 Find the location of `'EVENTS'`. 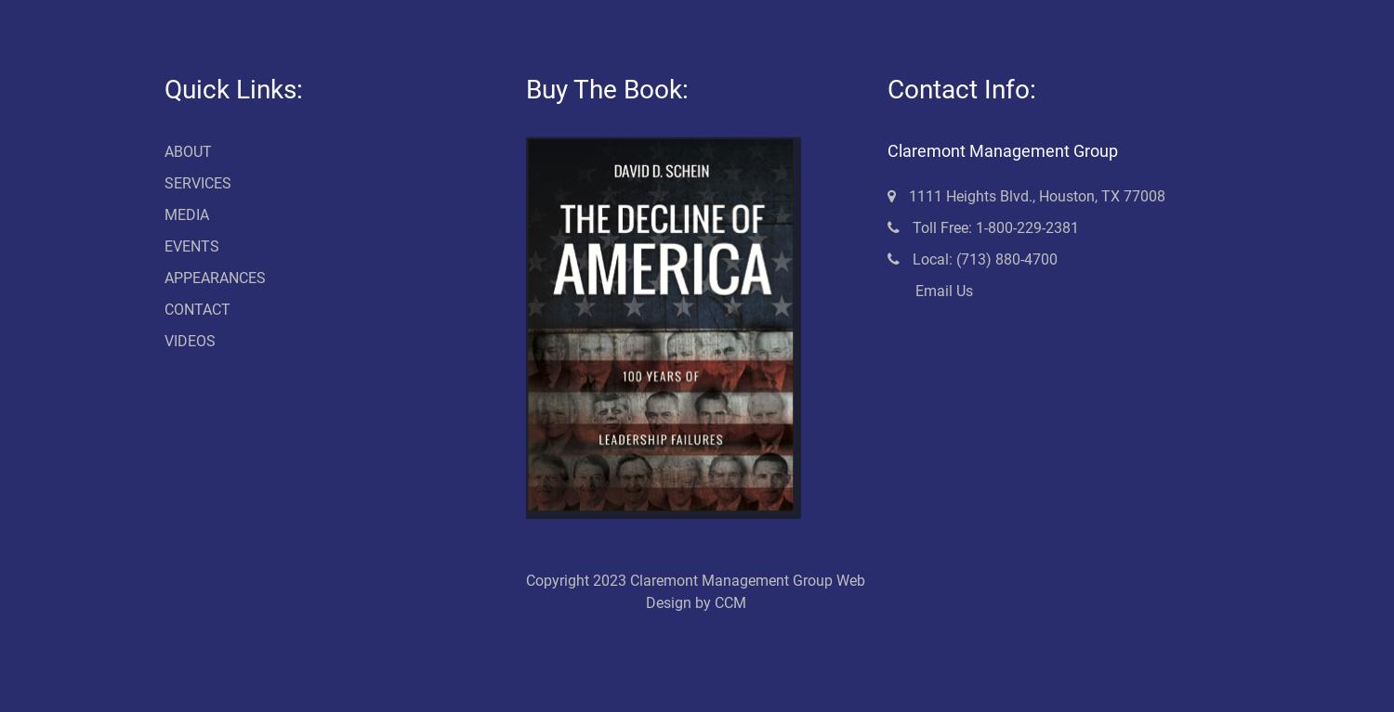

'EVENTS' is located at coordinates (190, 246).